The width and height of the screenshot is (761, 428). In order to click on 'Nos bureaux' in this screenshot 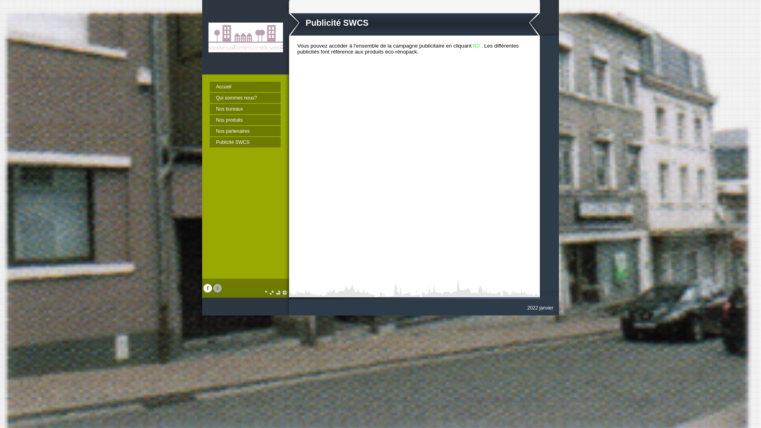, I will do `click(209, 109)`.